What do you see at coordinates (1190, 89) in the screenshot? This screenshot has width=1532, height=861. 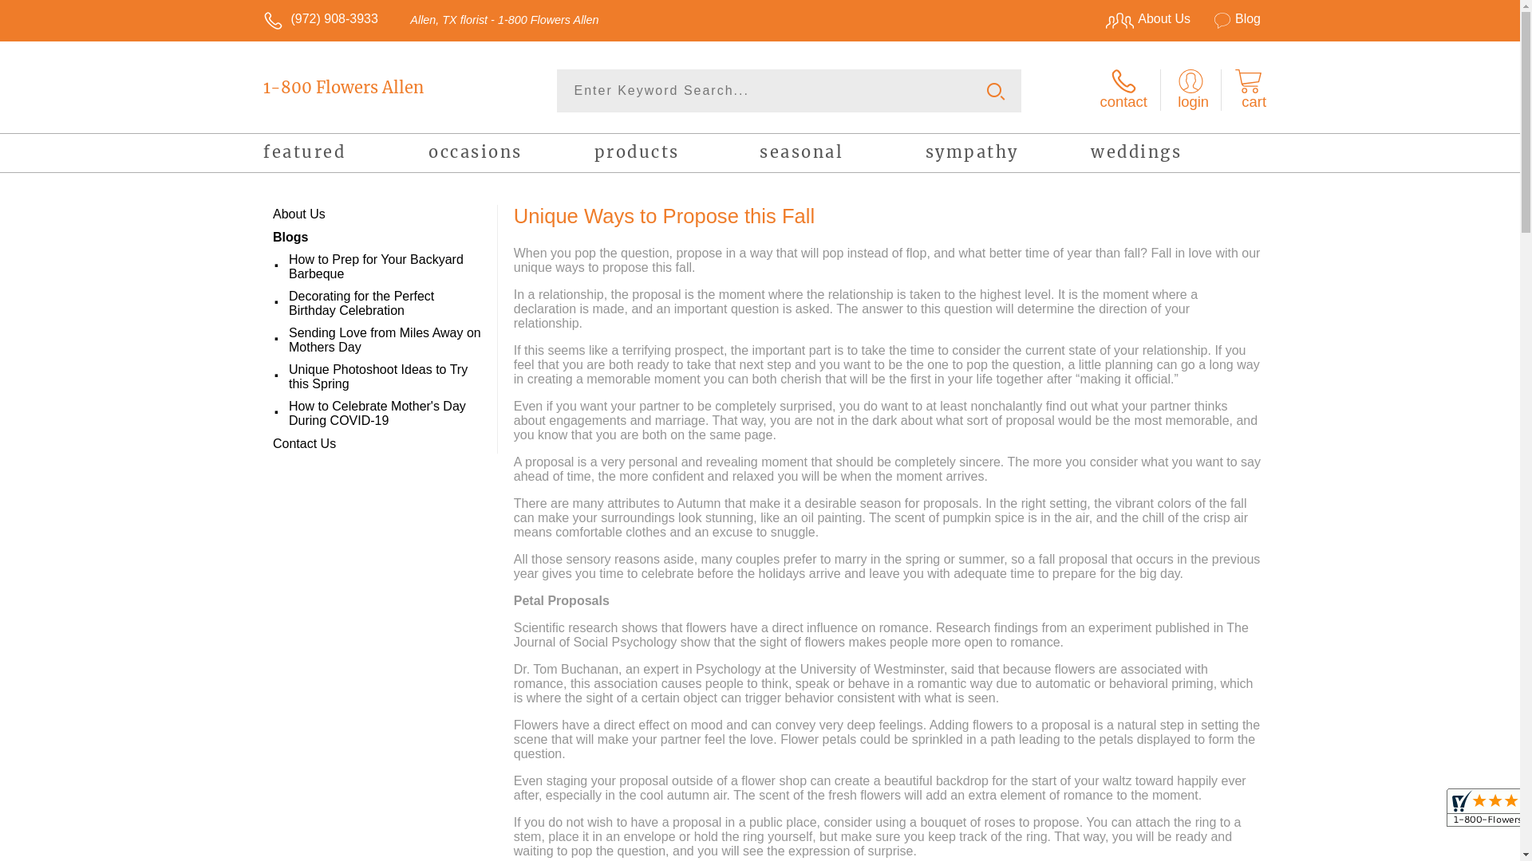 I see `'login or register` at bounding box center [1190, 89].